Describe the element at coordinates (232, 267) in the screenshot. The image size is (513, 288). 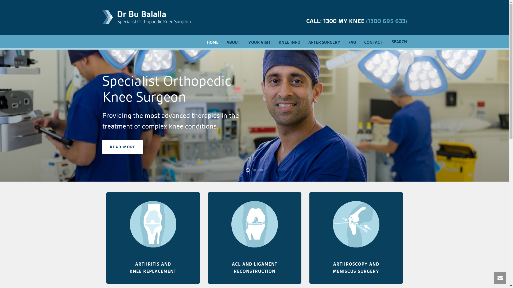
I see `'ACL AND LIGAMENT` at that location.